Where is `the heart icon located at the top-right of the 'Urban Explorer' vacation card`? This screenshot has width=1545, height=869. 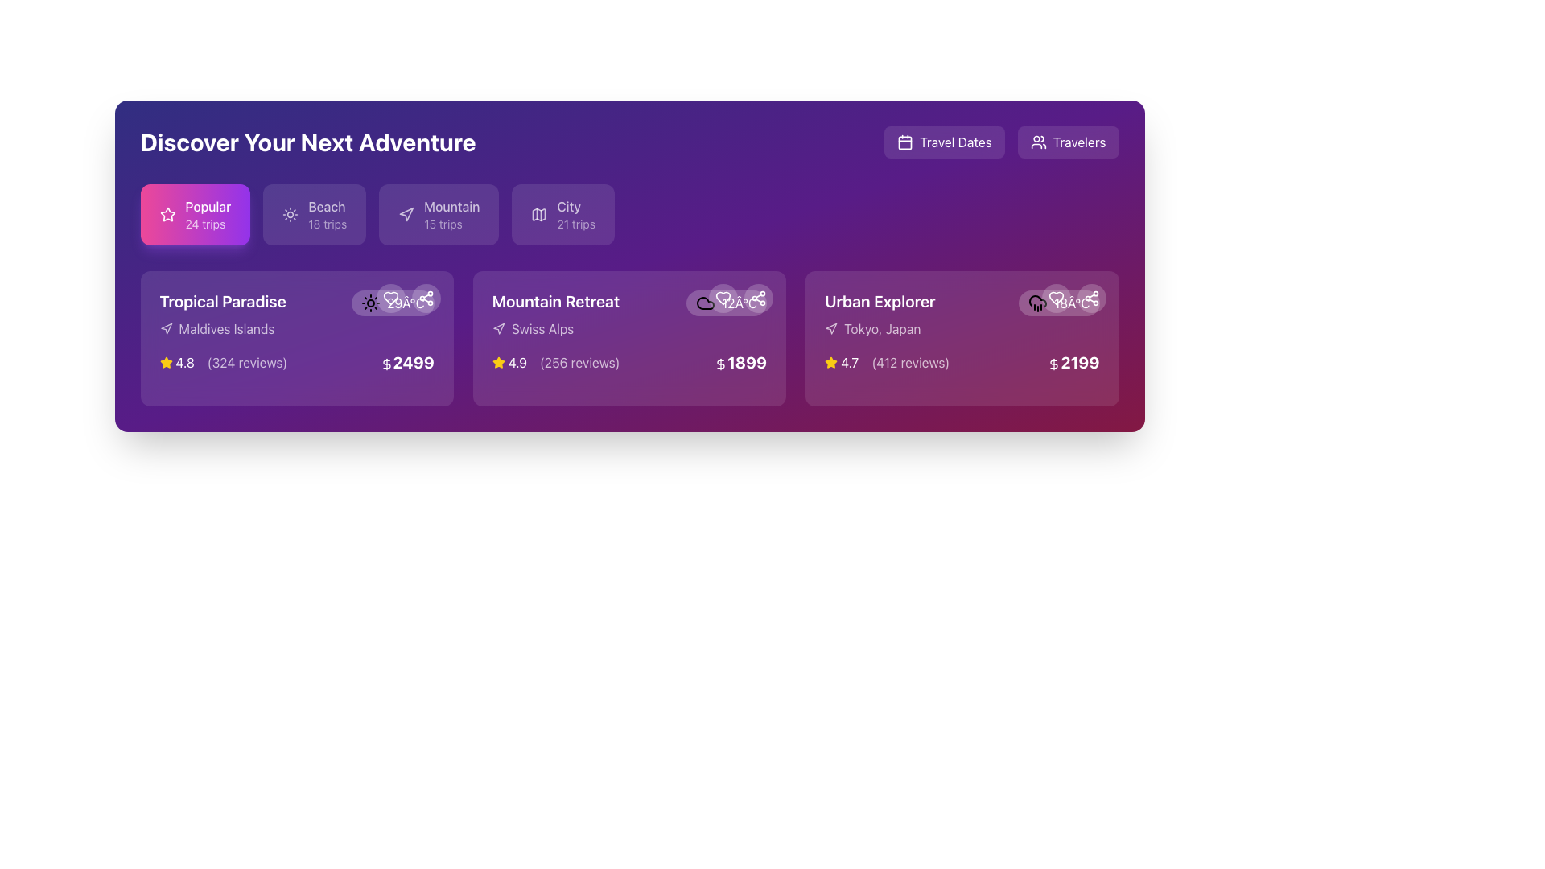 the heart icon located at the top-right of the 'Urban Explorer' vacation card is located at coordinates (1056, 298).